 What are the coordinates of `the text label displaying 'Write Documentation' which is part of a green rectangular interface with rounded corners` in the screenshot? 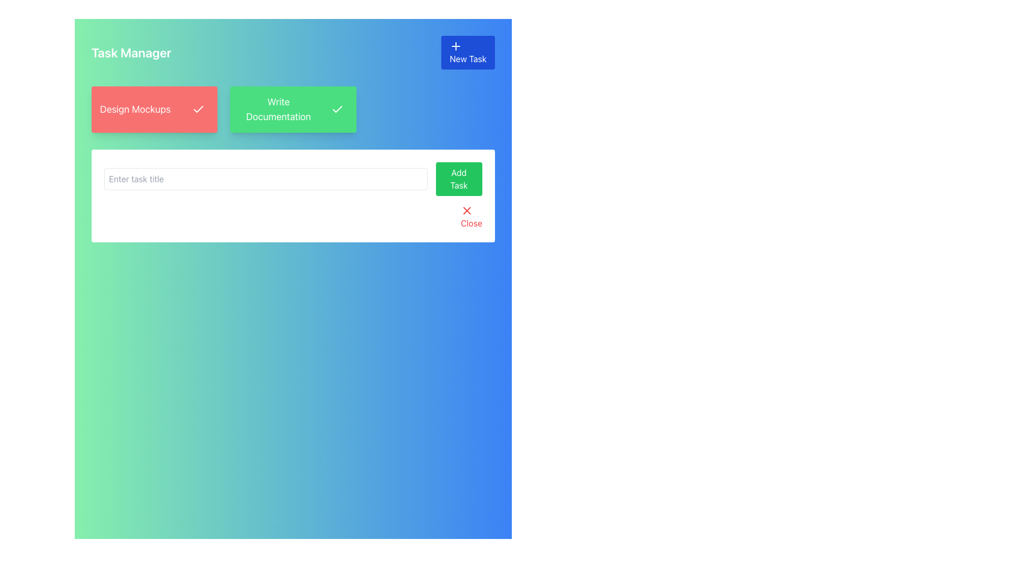 It's located at (278, 110).